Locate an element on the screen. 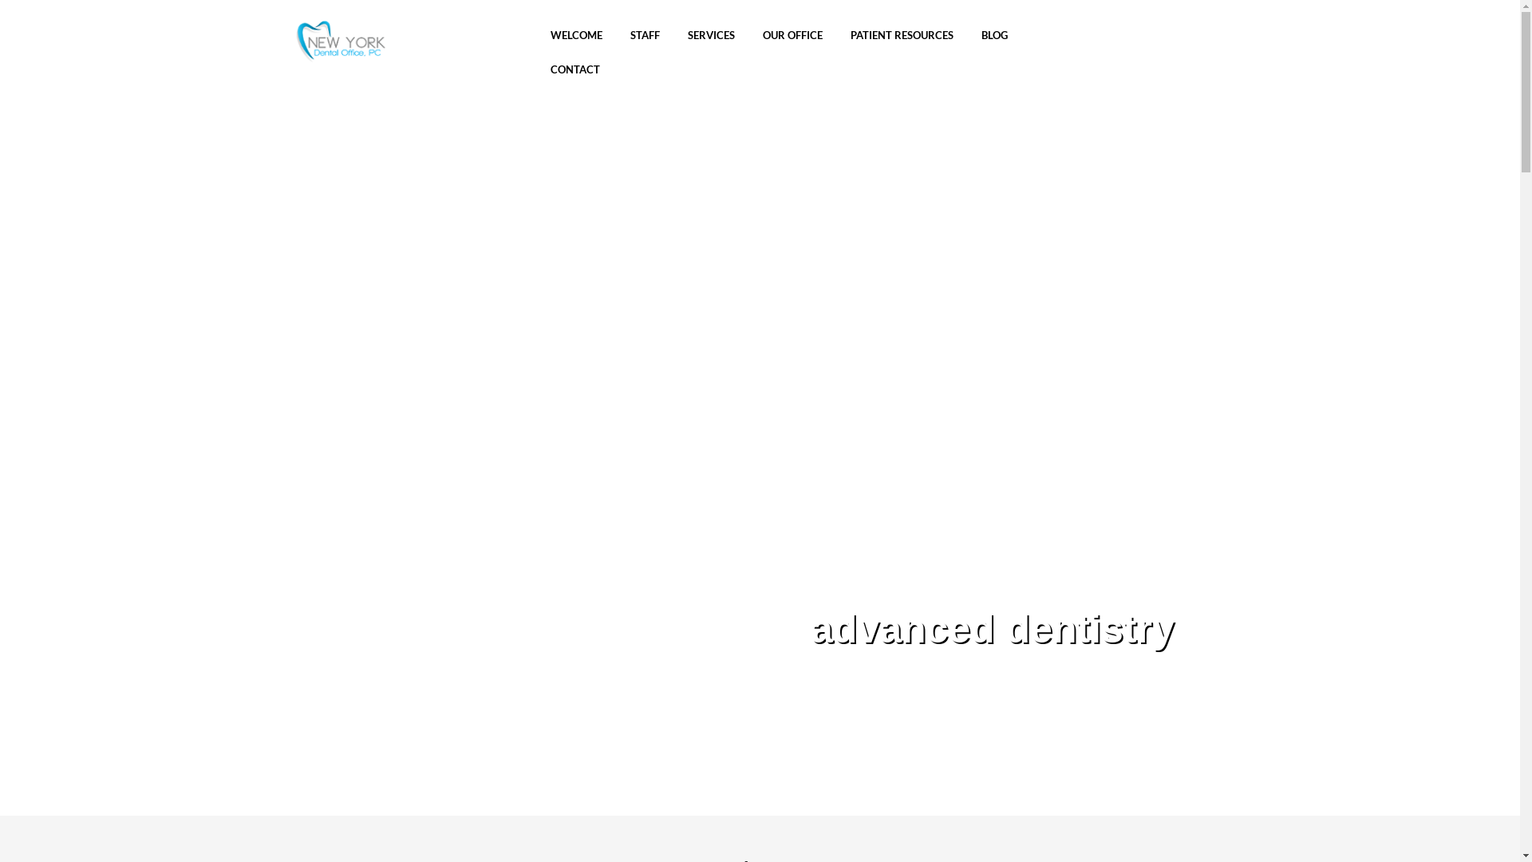  'STAFF' is located at coordinates (645, 36).